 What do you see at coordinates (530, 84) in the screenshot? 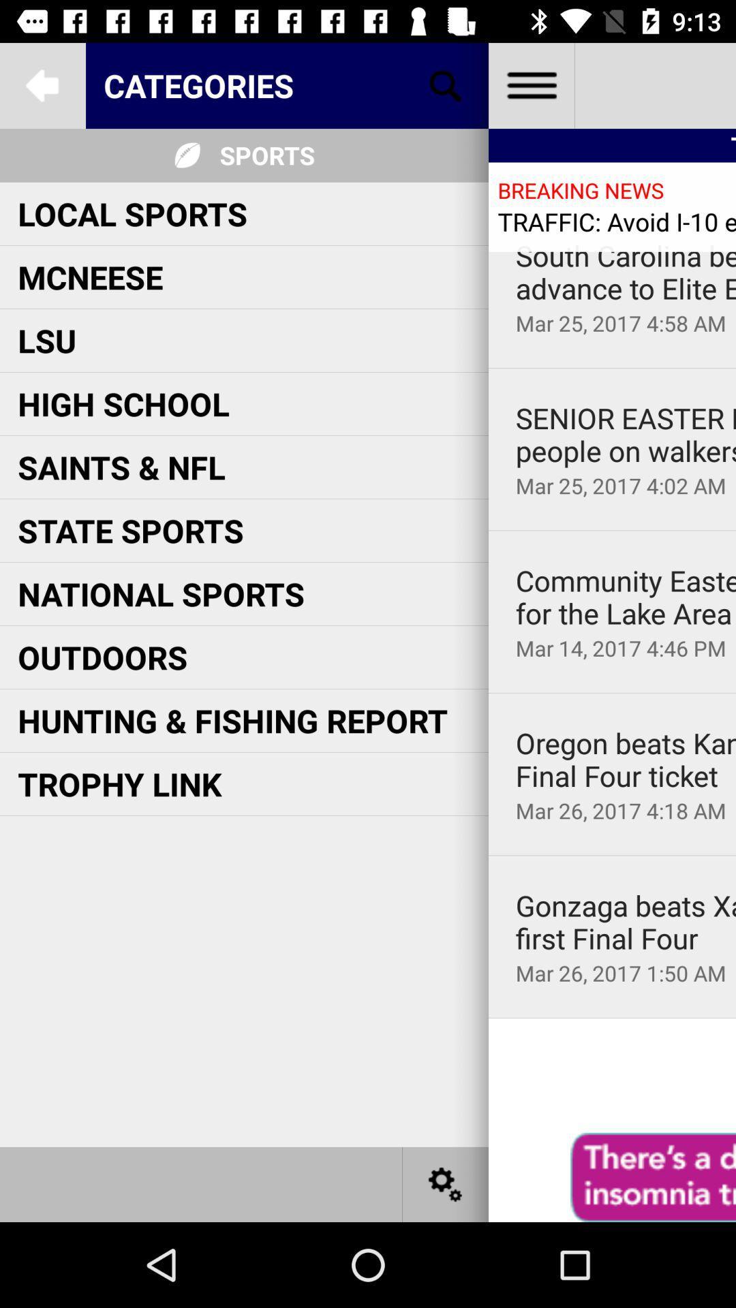
I see `the menu icon` at bounding box center [530, 84].